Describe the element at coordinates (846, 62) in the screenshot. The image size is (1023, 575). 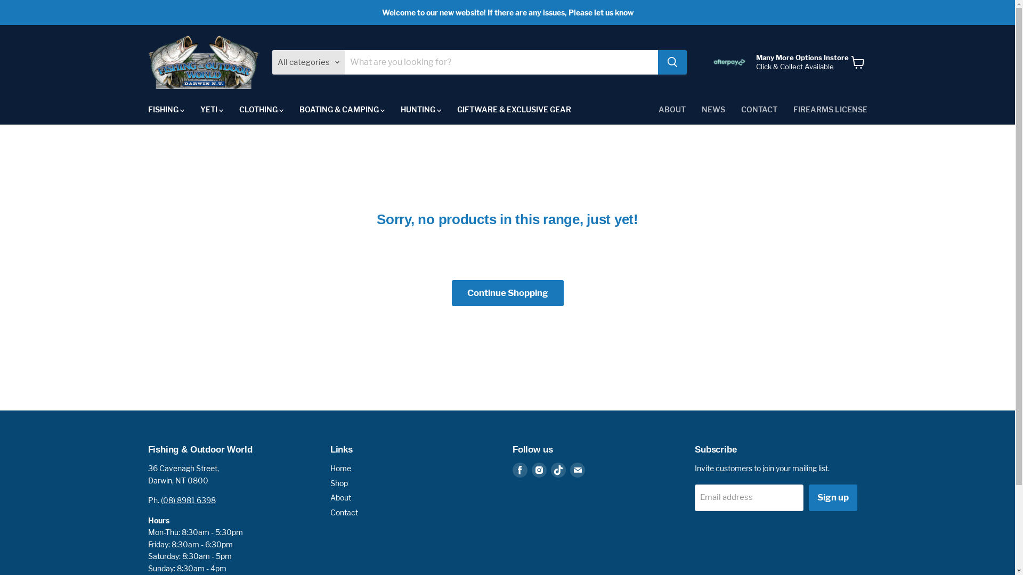
I see `'View cart'` at that location.